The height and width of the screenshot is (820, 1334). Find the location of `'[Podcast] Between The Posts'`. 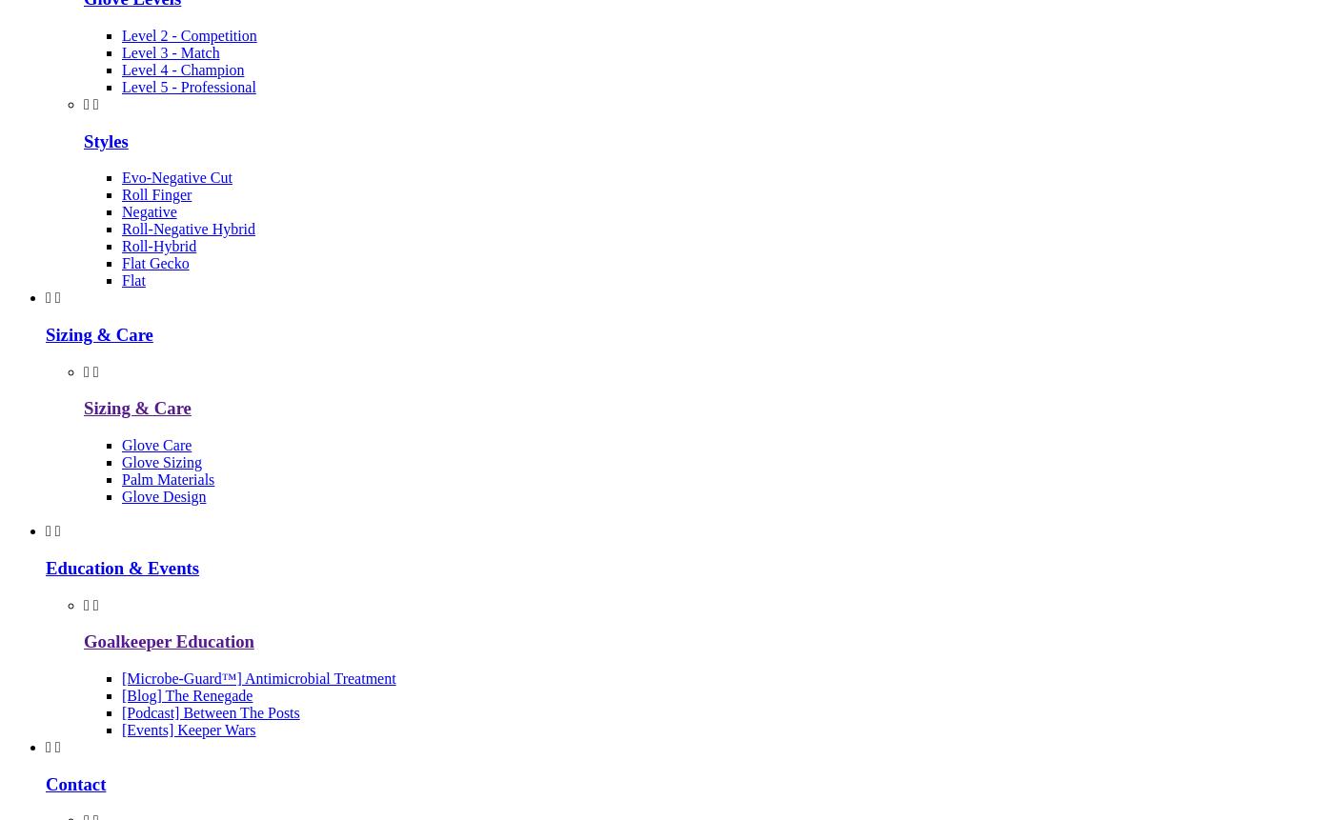

'[Podcast] Between The Posts' is located at coordinates (211, 712).